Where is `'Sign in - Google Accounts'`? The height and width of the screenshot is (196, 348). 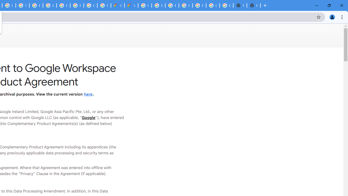 'Sign in - Google Accounts' is located at coordinates (22, 5).